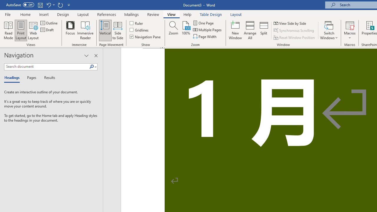 The width and height of the screenshot is (377, 212). Describe the element at coordinates (49, 23) in the screenshot. I see `'Outline'` at that location.